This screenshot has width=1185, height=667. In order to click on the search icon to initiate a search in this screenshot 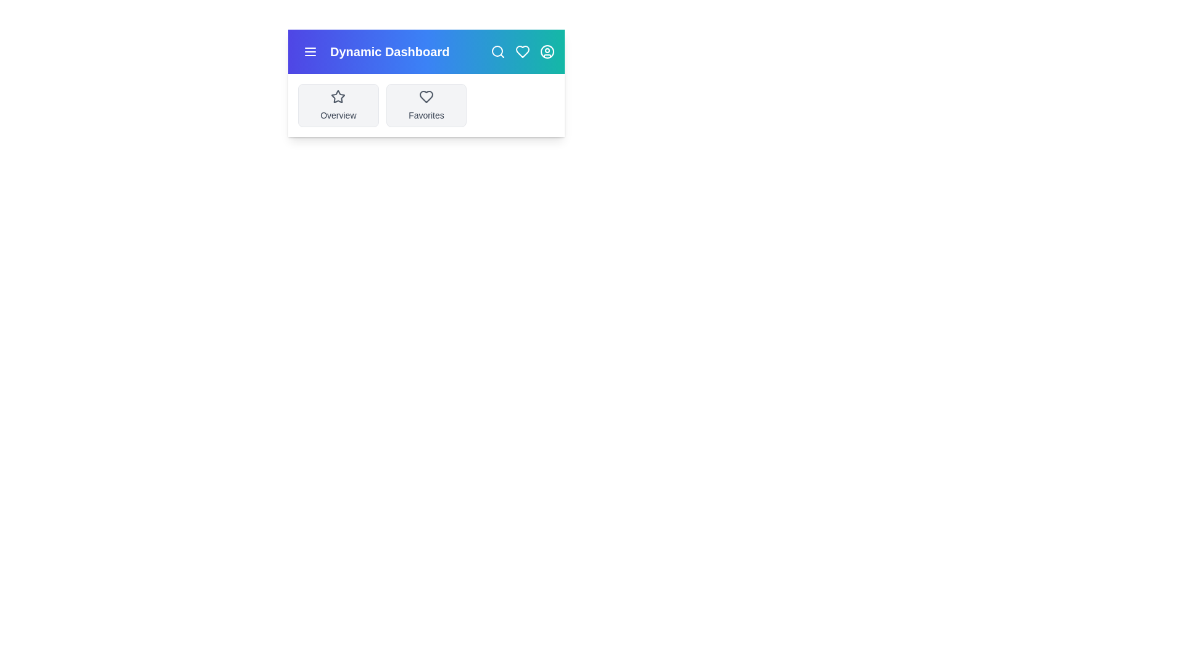, I will do `click(497, 51)`.